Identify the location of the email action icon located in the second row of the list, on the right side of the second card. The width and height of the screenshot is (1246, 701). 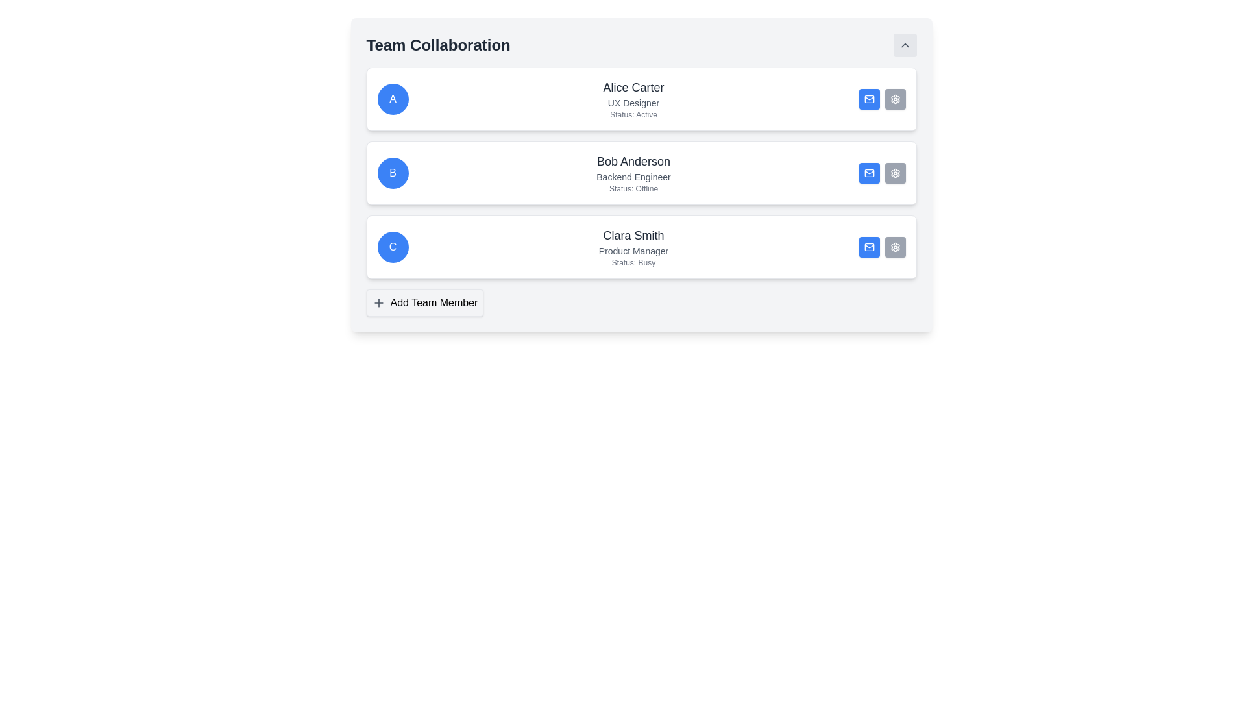
(869, 172).